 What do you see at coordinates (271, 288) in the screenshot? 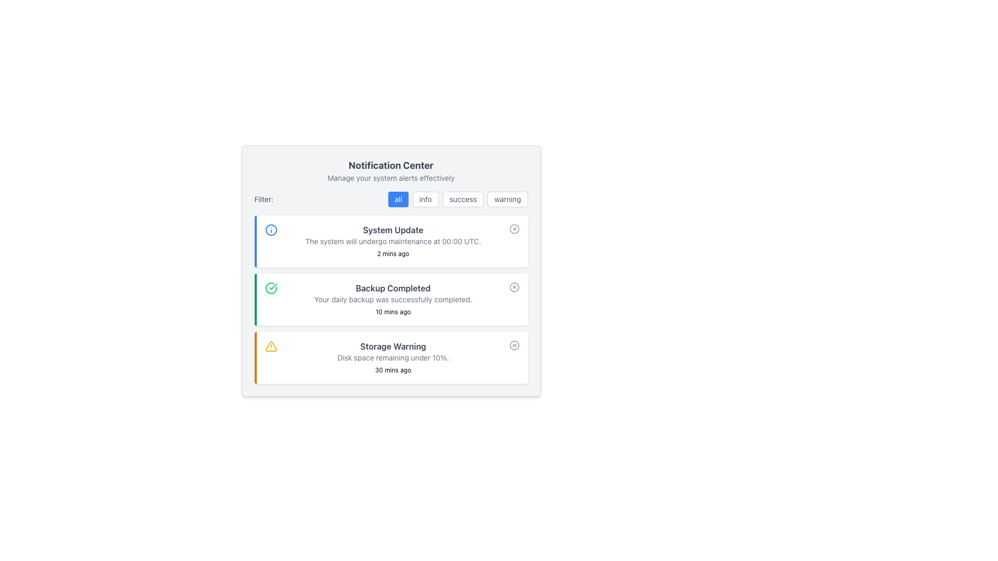
I see `the green circular icon with a white tick mark, which indicates a successful action, located adjacent to the 'Backup Completed' notification text` at bounding box center [271, 288].